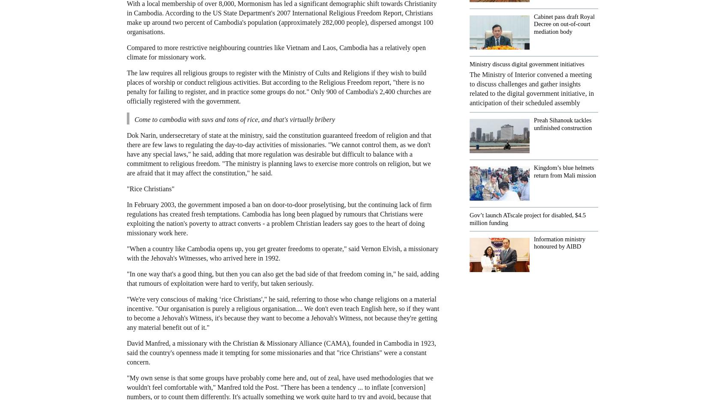  I want to click on 'The Ministry of Interior convened a meeting to discuss challenges and gather insights related to the digital government initiative, in anticipation of their scheduled assembly', so click(532, 88).